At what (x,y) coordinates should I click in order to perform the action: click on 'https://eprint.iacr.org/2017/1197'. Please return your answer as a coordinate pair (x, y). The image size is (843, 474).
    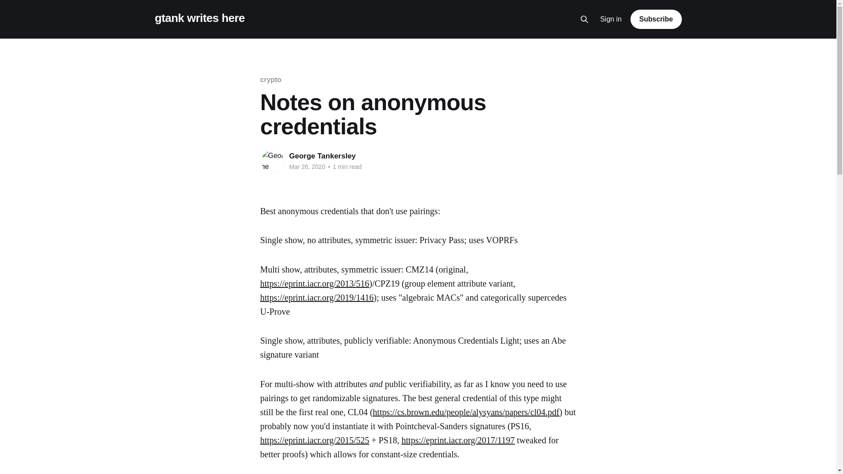
    Looking at the image, I should click on (401, 440).